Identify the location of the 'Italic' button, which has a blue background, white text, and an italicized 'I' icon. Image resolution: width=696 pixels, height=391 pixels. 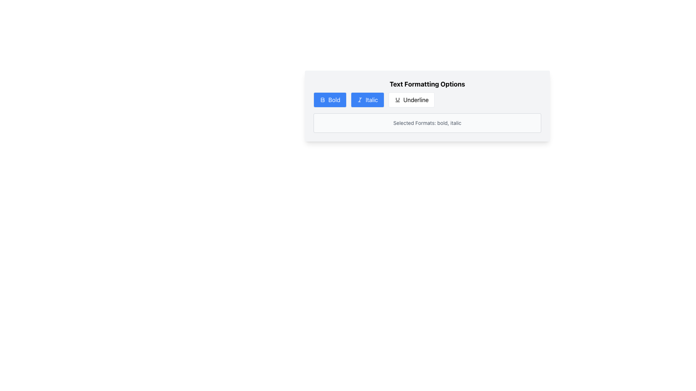
(367, 100).